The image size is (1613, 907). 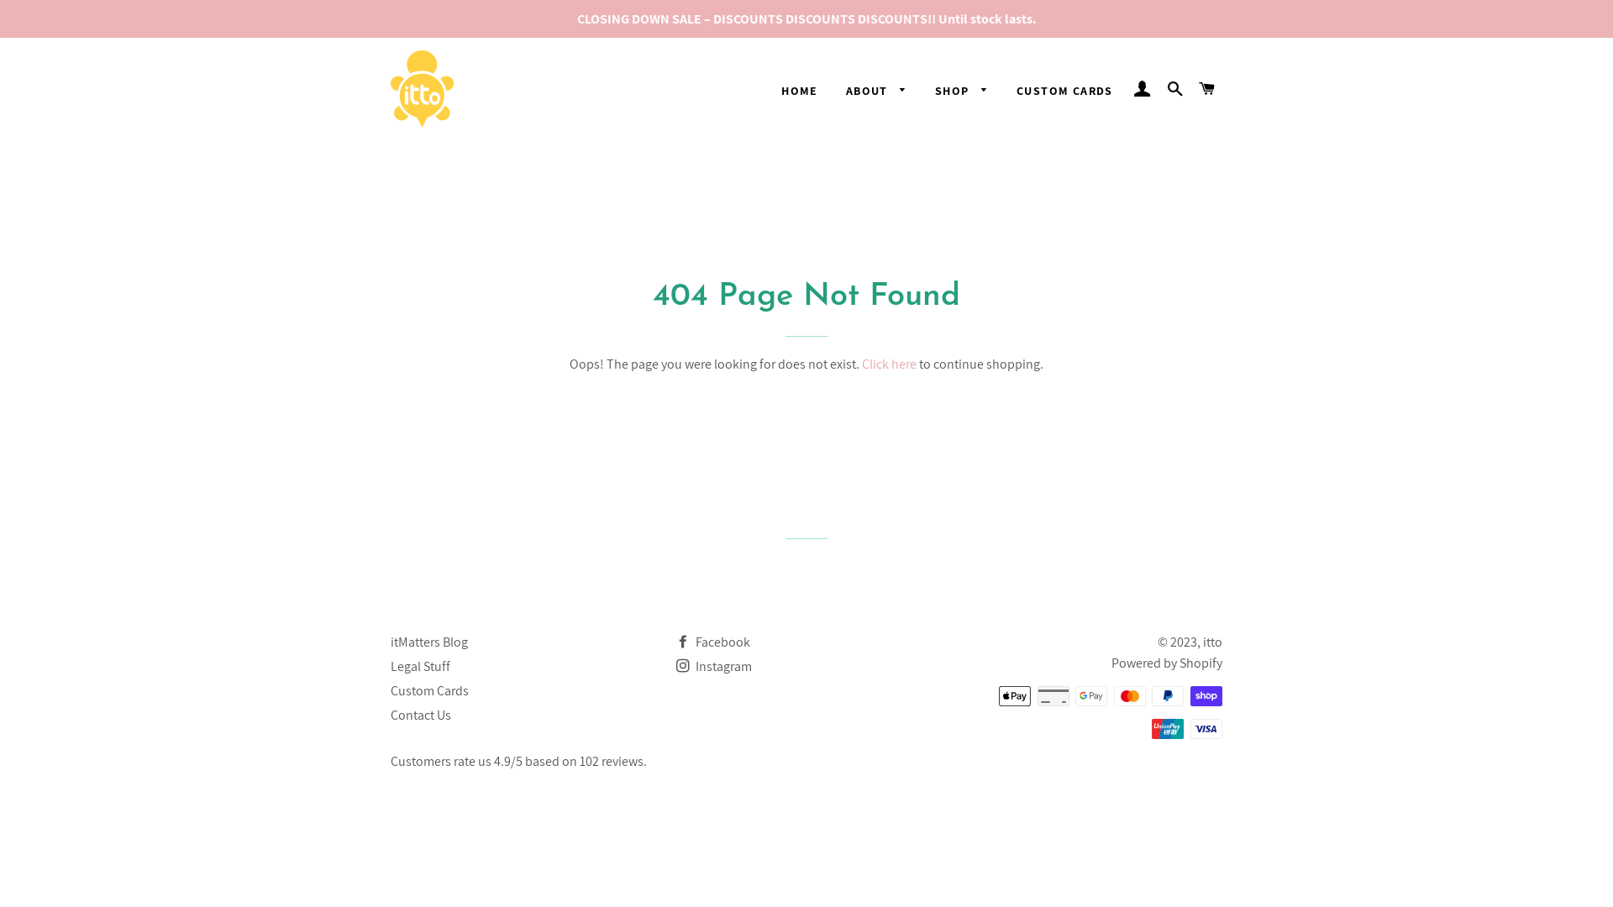 What do you see at coordinates (1165, 662) in the screenshot?
I see `'Powered by Shopify'` at bounding box center [1165, 662].